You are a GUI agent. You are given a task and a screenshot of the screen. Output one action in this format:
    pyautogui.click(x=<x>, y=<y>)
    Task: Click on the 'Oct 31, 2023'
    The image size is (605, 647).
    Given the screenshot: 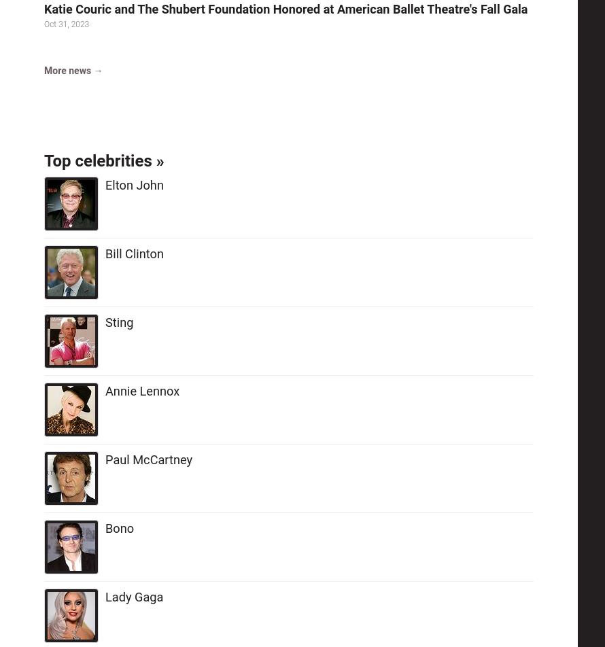 What is the action you would take?
    pyautogui.click(x=44, y=24)
    